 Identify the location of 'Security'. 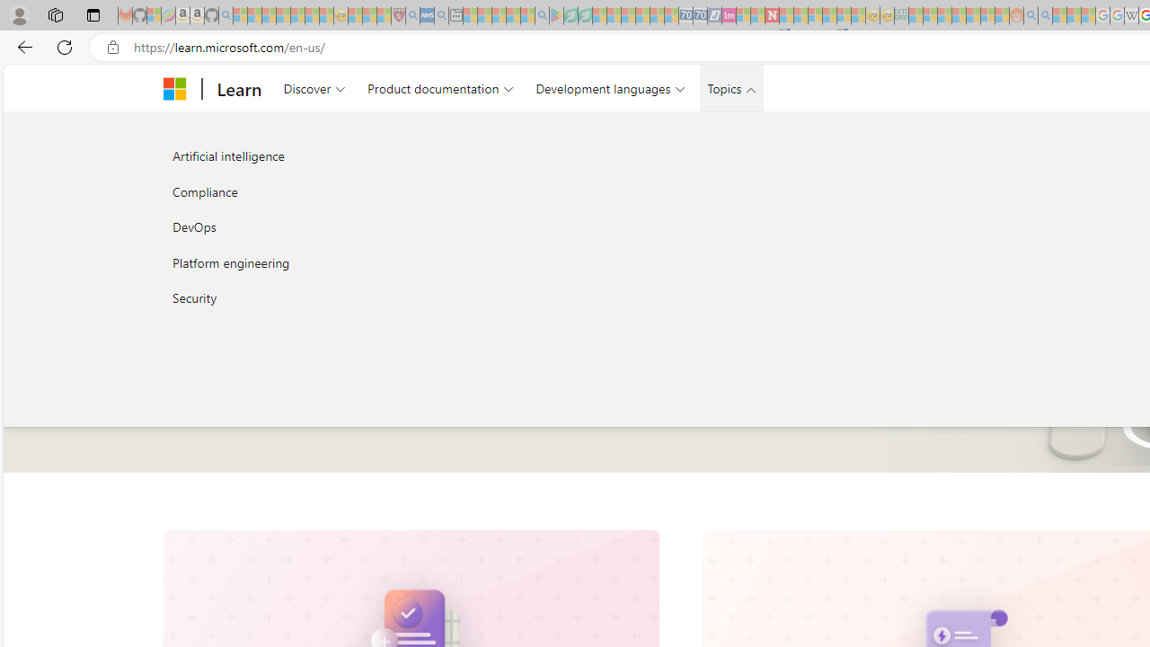
(354, 297).